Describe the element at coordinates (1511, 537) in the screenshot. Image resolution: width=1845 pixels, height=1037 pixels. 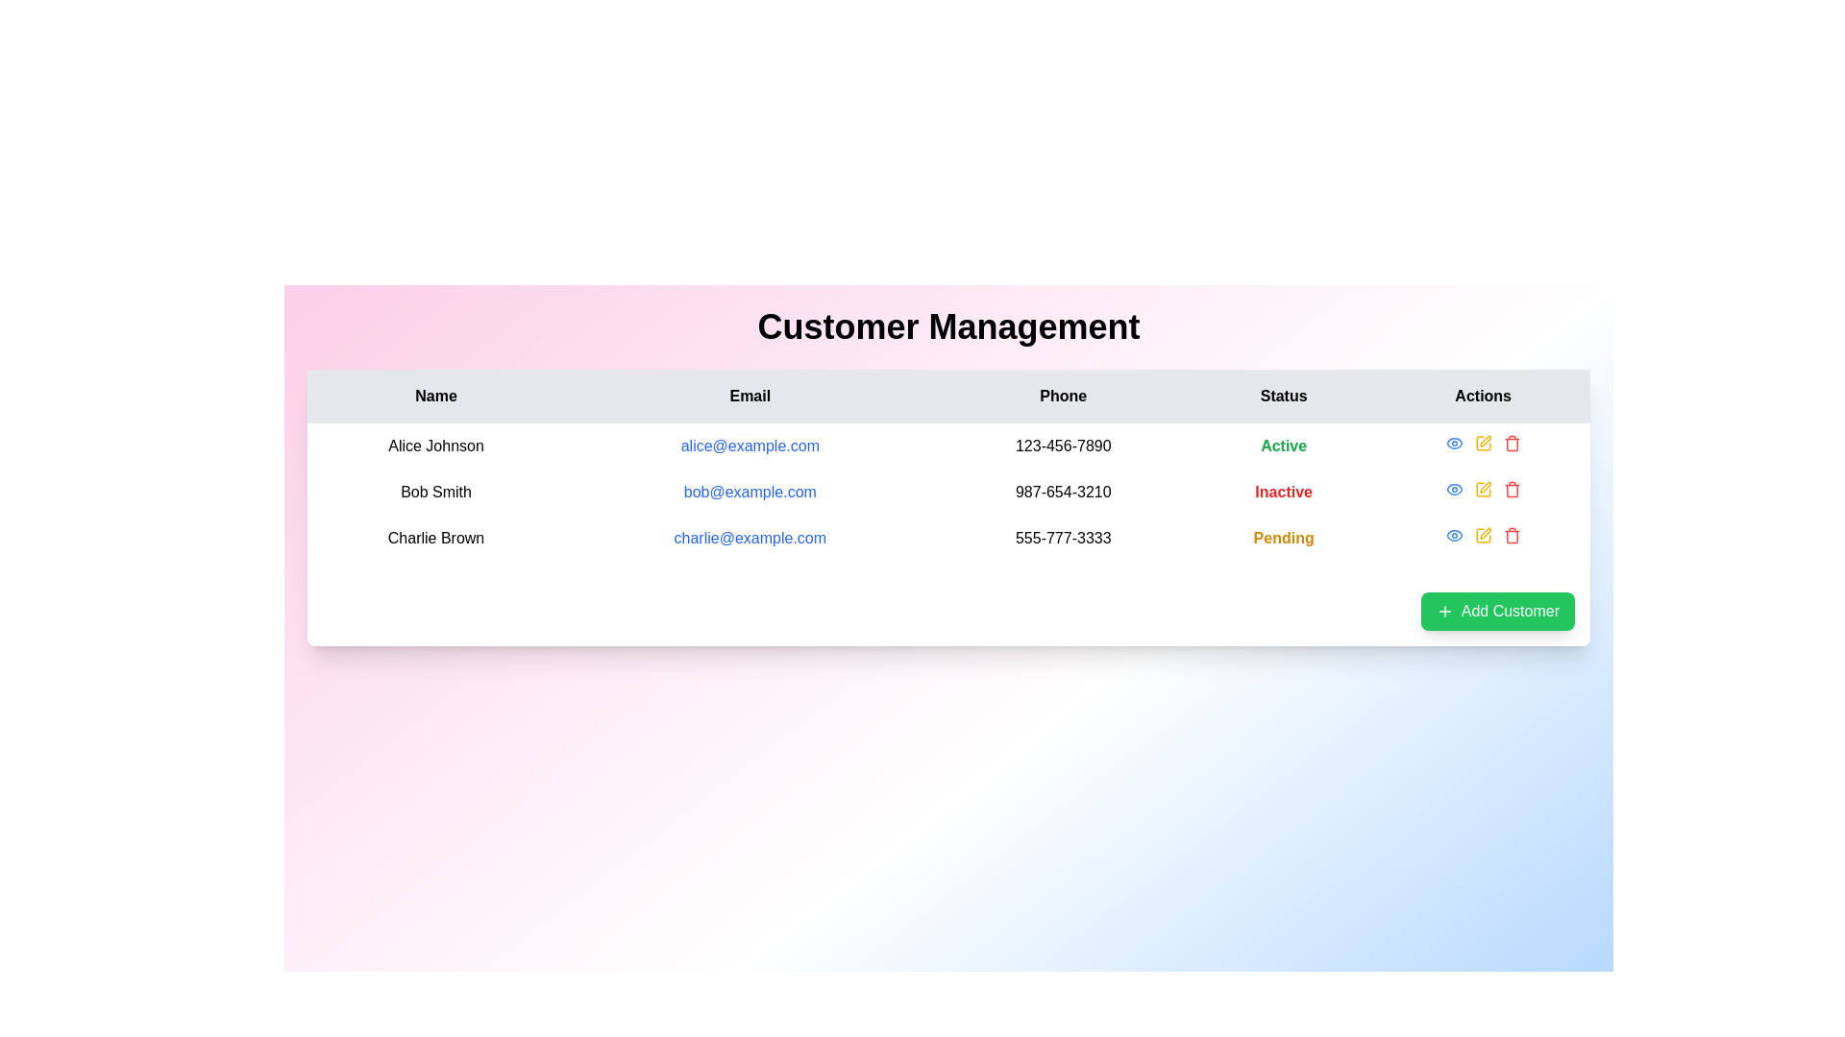
I see `the central part of the trash bin icon in the 'Actions' column of the last row, associated with the 'Charlie Brown' record` at that location.